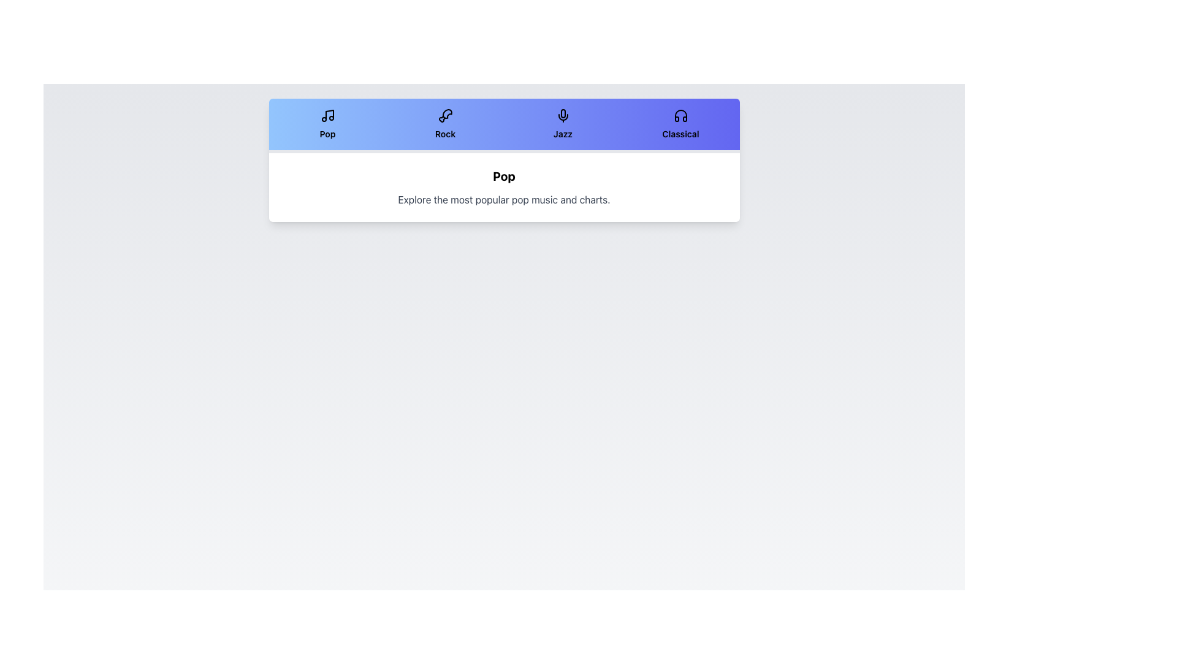 The width and height of the screenshot is (1177, 662). Describe the element at coordinates (327, 134) in the screenshot. I see `the text label located beneath the music note icon` at that location.